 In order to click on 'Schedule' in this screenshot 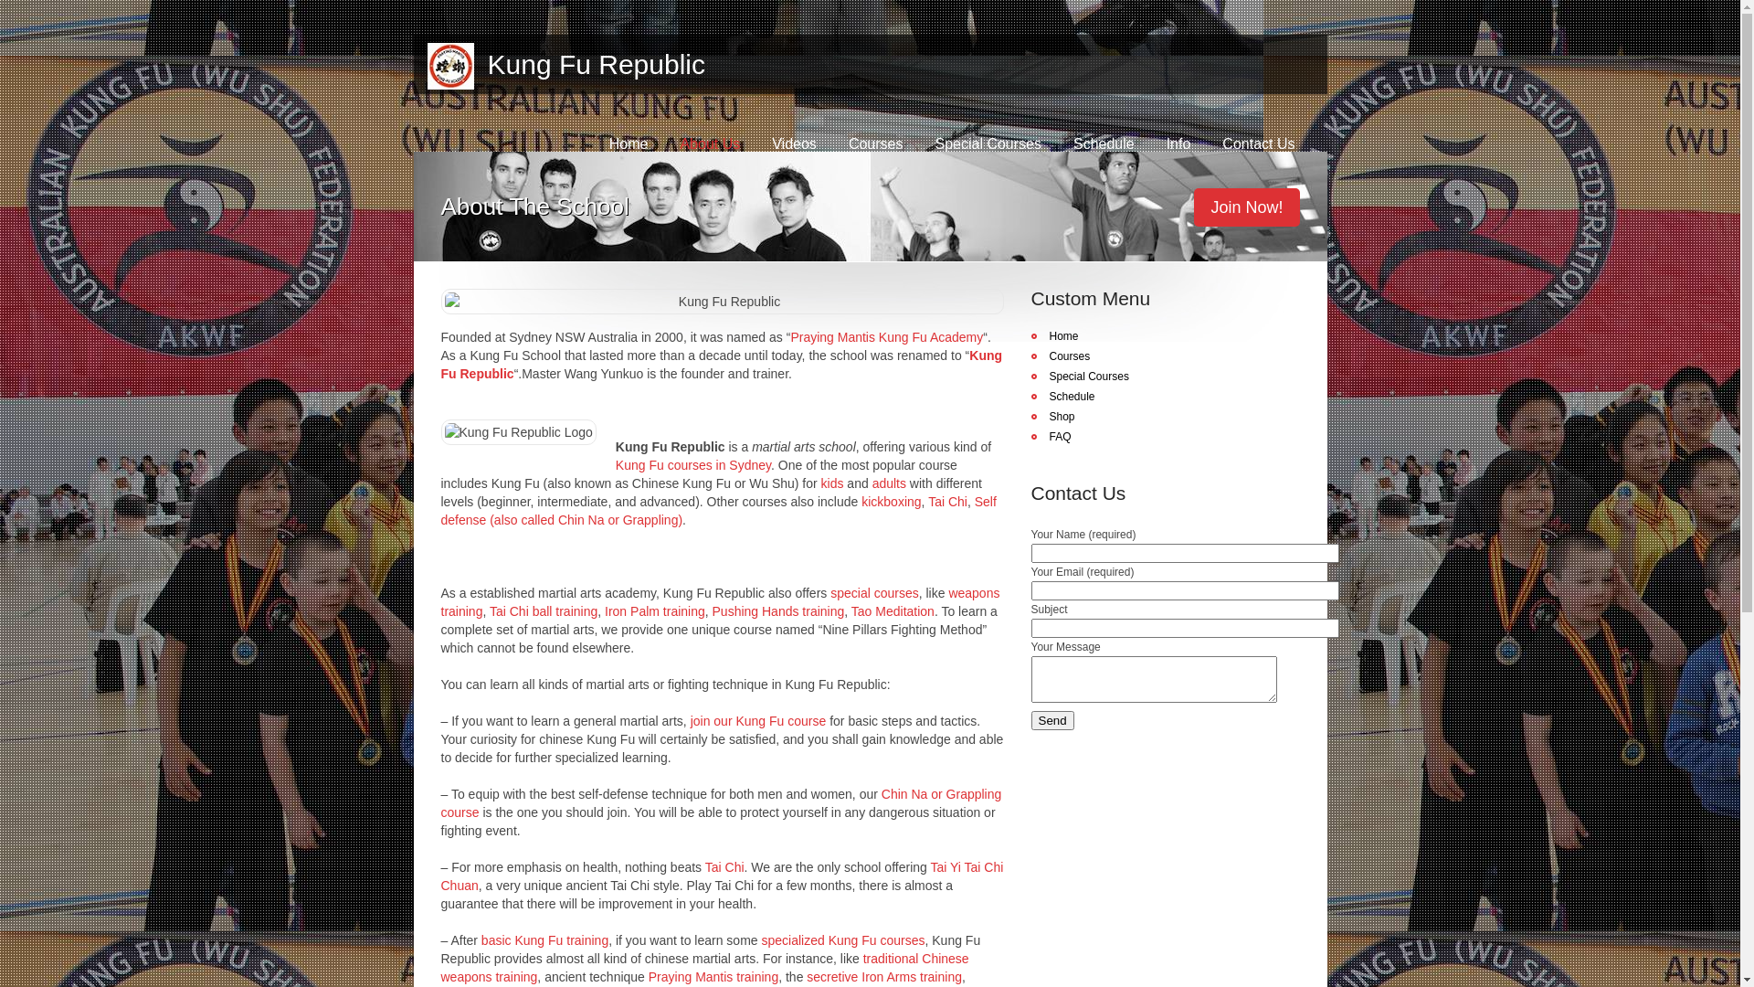, I will do `click(1103, 143)`.